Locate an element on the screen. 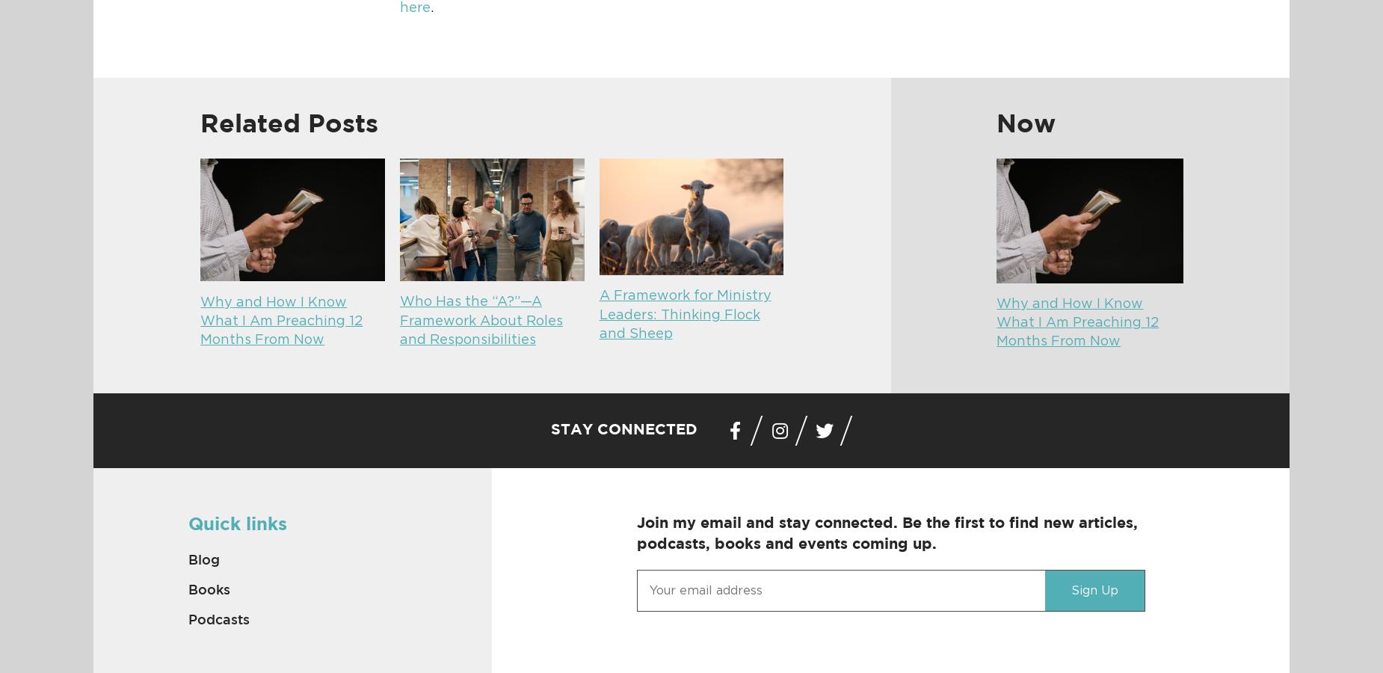 Image resolution: width=1383 pixels, height=673 pixels. 'A Framework for Ministry Leaders: Thinking Flock and Sheep' is located at coordinates (684, 315).